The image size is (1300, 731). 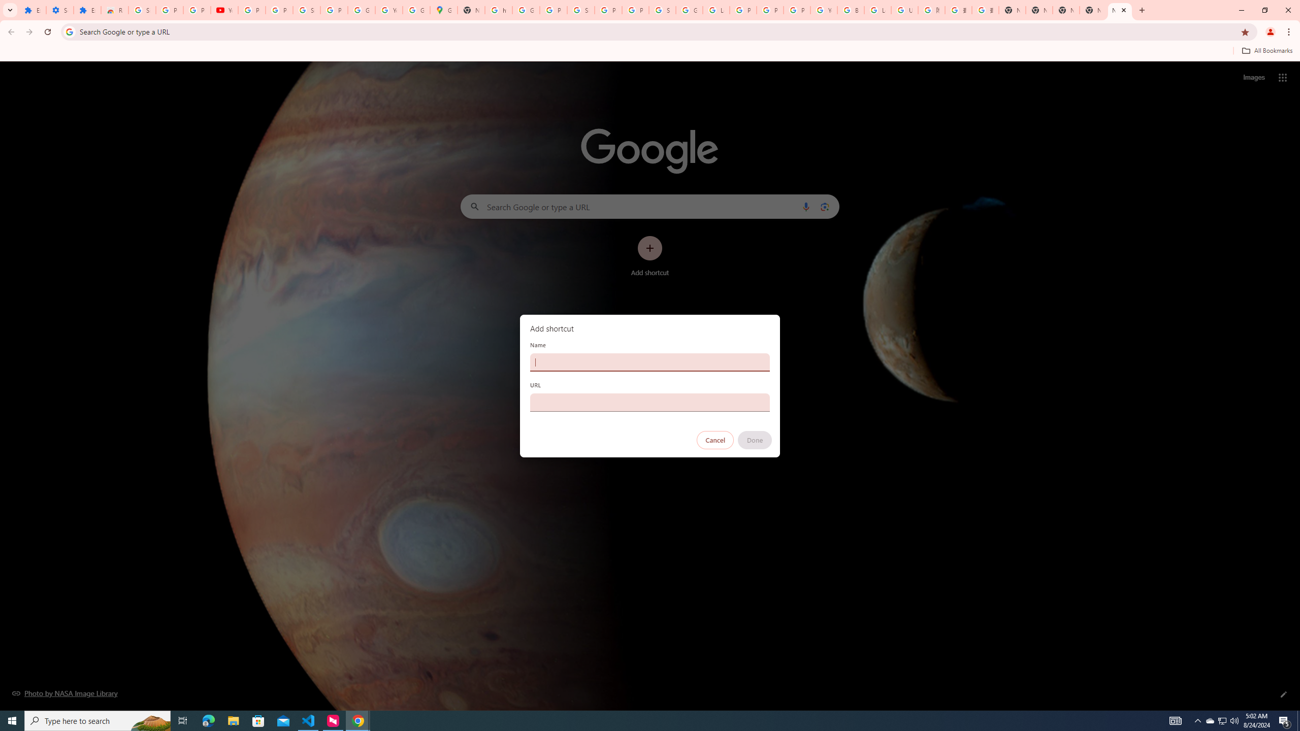 What do you see at coordinates (743, 10) in the screenshot?
I see `'Privacy Help Center - Policies Help'` at bounding box center [743, 10].